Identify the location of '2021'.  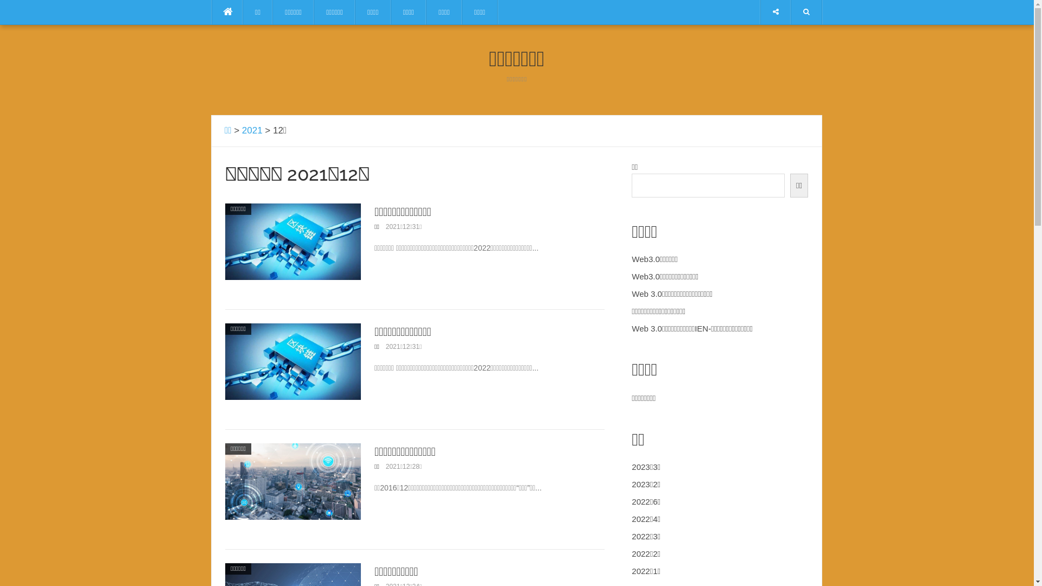
(252, 130).